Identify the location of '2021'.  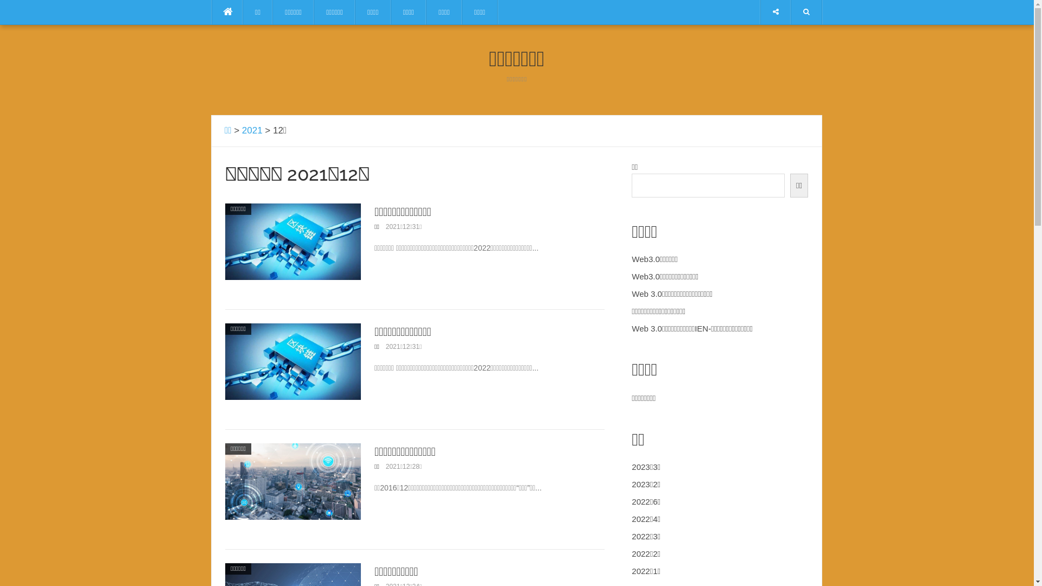
(252, 130).